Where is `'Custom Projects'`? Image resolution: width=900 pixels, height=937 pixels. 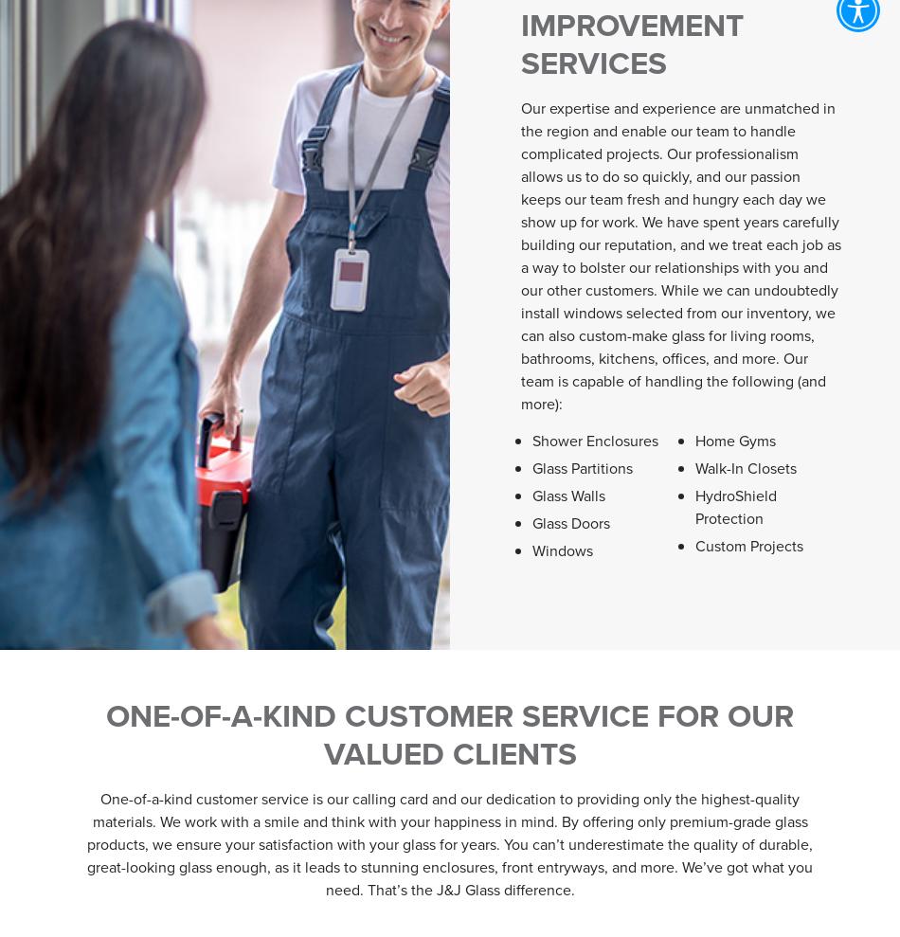 'Custom Projects' is located at coordinates (747, 544).